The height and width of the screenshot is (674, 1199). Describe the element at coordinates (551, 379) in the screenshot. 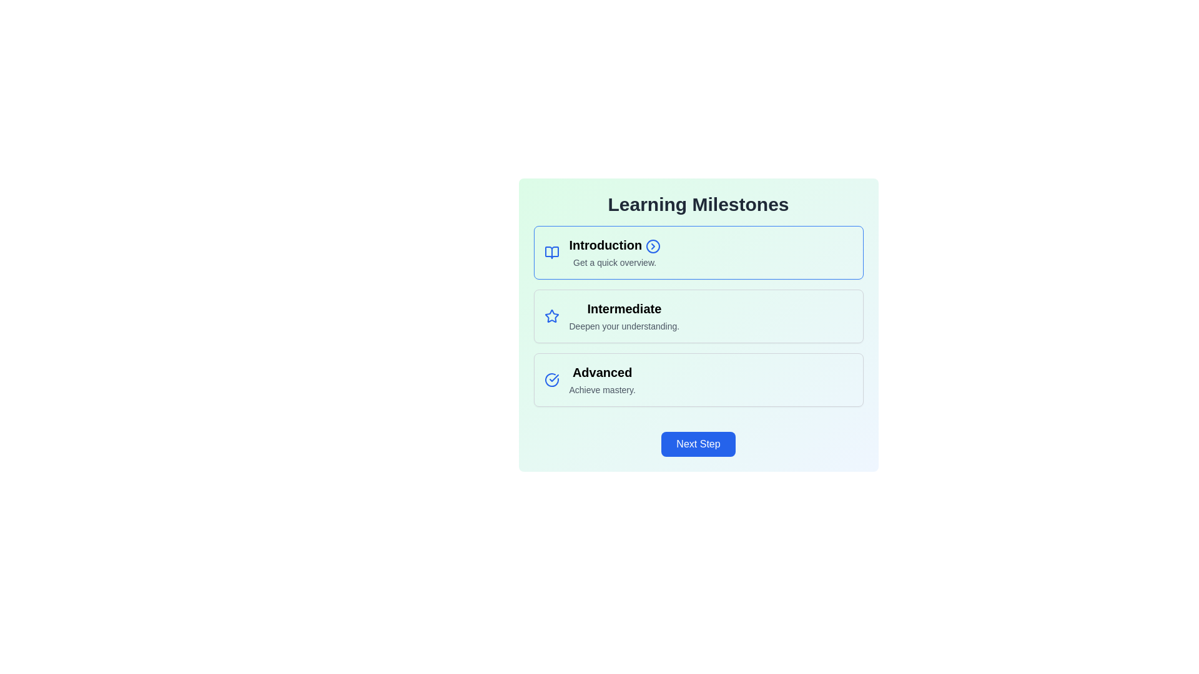

I see `the blue and white circular icon with a checkmark inside, located to the left of the text 'Advanced' in the third box of the 'Learning Milestones' section` at that location.